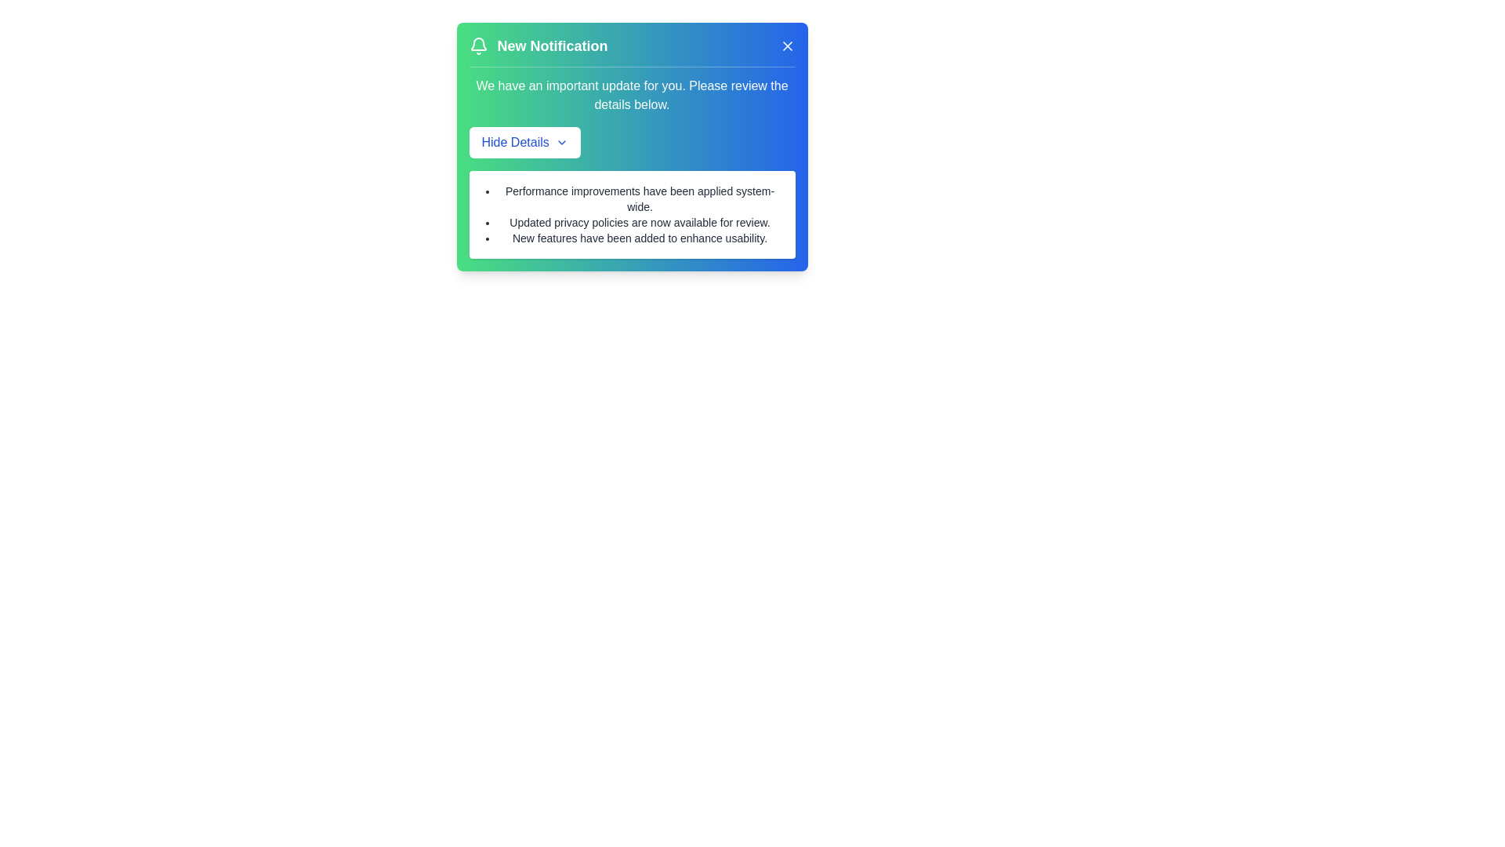  Describe the element at coordinates (787, 45) in the screenshot. I see `the 'X' button to close the notification` at that location.